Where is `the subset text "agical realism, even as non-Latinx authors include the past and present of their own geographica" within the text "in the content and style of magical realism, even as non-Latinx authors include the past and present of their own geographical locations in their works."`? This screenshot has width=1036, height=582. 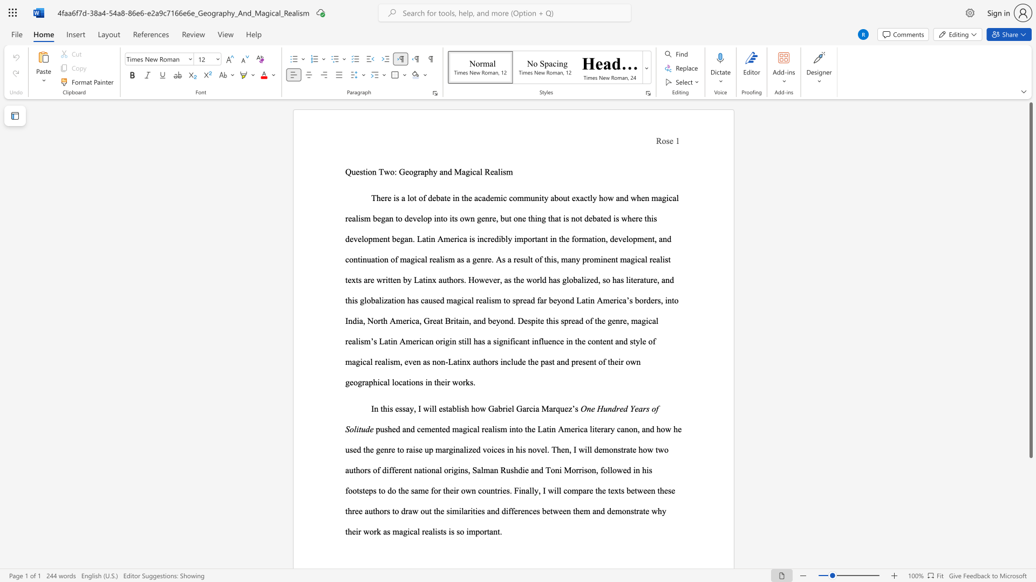
the subset text "agical realism, even as non-Latinx authors include the past and present of their own geographica" within the text "in the content and style of magical realism, even as non-Latinx authors include the past and present of their own geographical locations in their works." is located at coordinates (352, 362).